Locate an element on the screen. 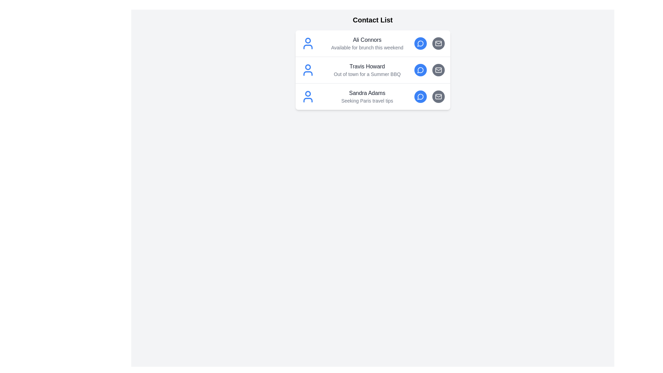 The image size is (663, 373). the contact icon for 'Sandra Adams', which is located on the leftmost section of the contact entry, just before the text details is located at coordinates (307, 97).